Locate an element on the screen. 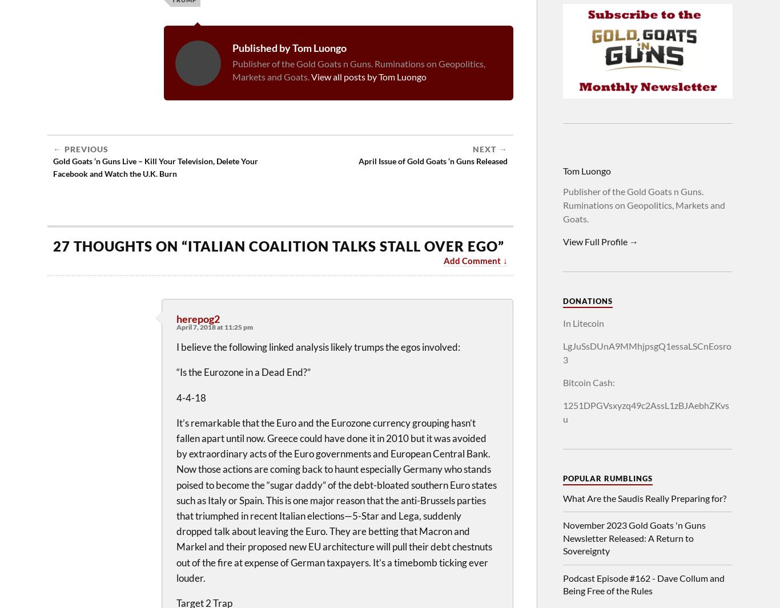 Image resolution: width=780 pixels, height=608 pixels. '1251DPGVsxyzq49c2AssL1zBJAebhZKvsu' is located at coordinates (562, 411).